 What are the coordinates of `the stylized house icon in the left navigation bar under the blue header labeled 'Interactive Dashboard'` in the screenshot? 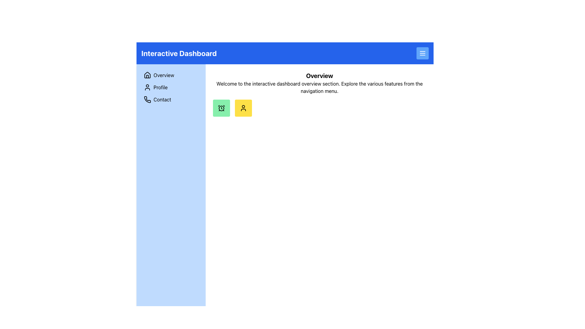 It's located at (147, 75).